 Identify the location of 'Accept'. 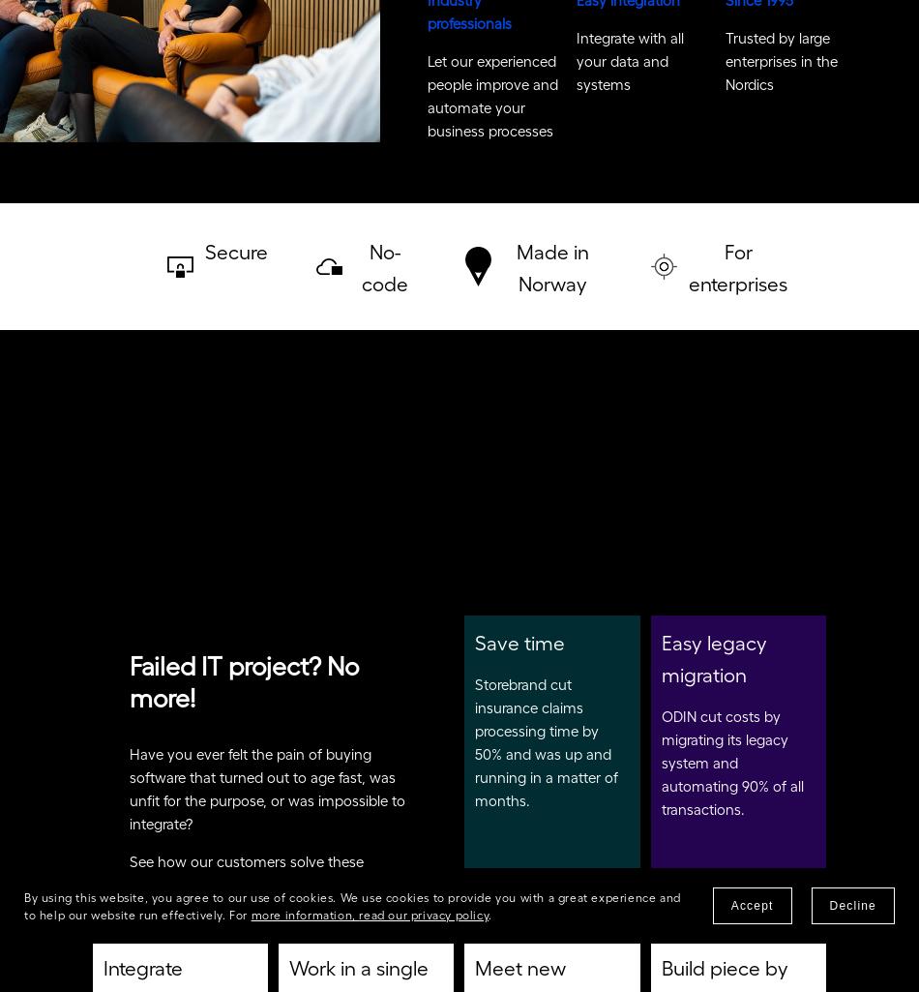
(751, 906).